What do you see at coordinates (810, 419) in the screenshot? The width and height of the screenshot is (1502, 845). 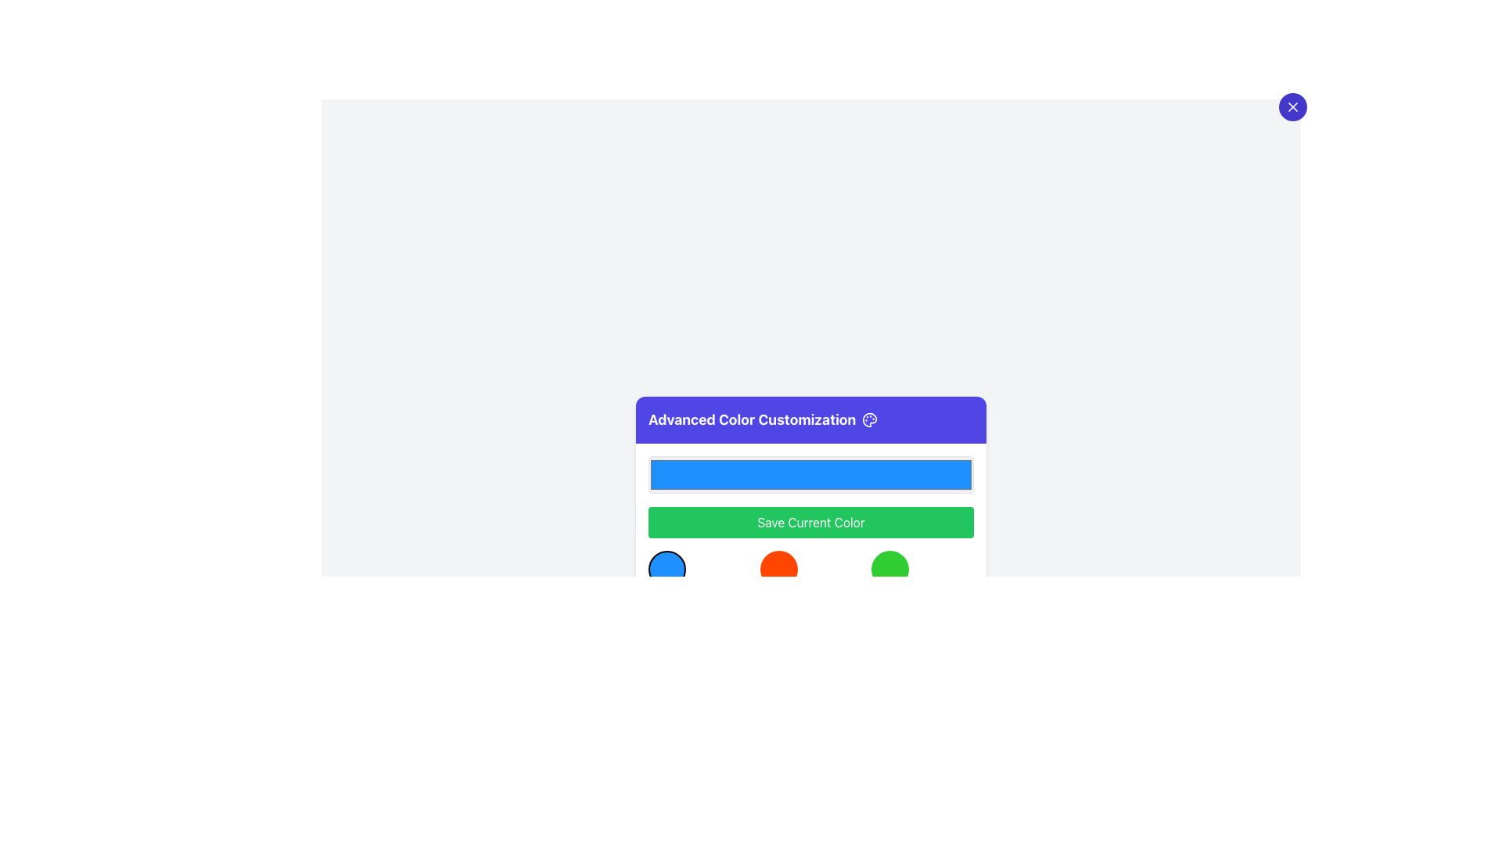 I see `the header labeled 'Advanced Color Customization' with a palette icon, which is prominently displayed at the top of the modal with an indigo blue background` at bounding box center [810, 419].